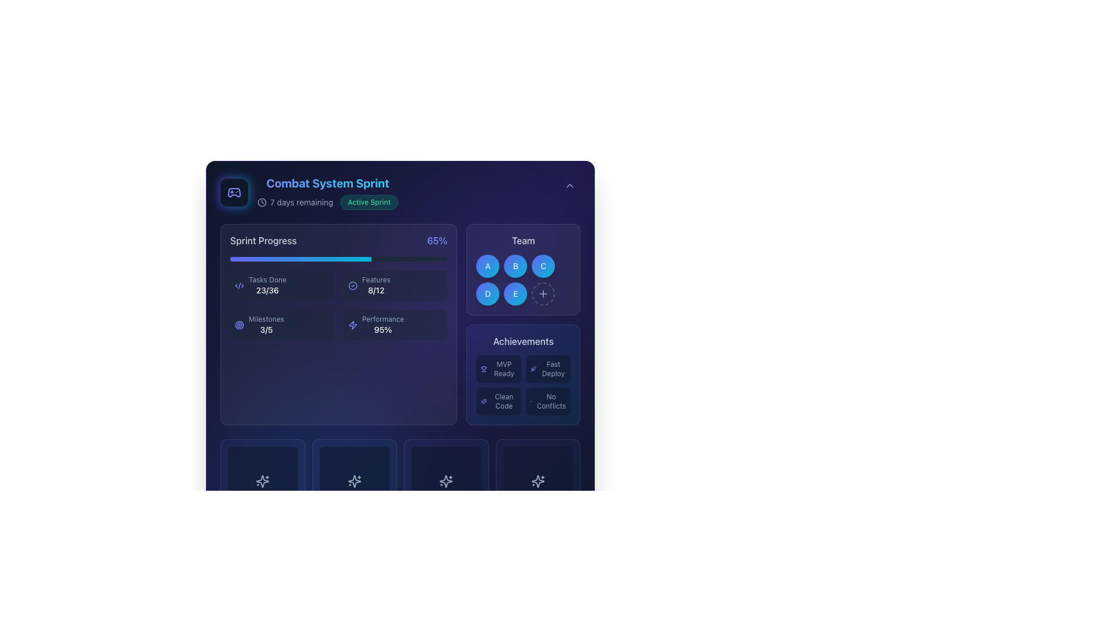 The height and width of the screenshot is (625, 1111). What do you see at coordinates (550, 401) in the screenshot?
I see `the informational text label indicating the absence of conflicts located in the bottom-right corner of the 'Achievements' section, below 'Fast Deploy' and to the right of 'Clean Code' to trigger its hover state` at bounding box center [550, 401].